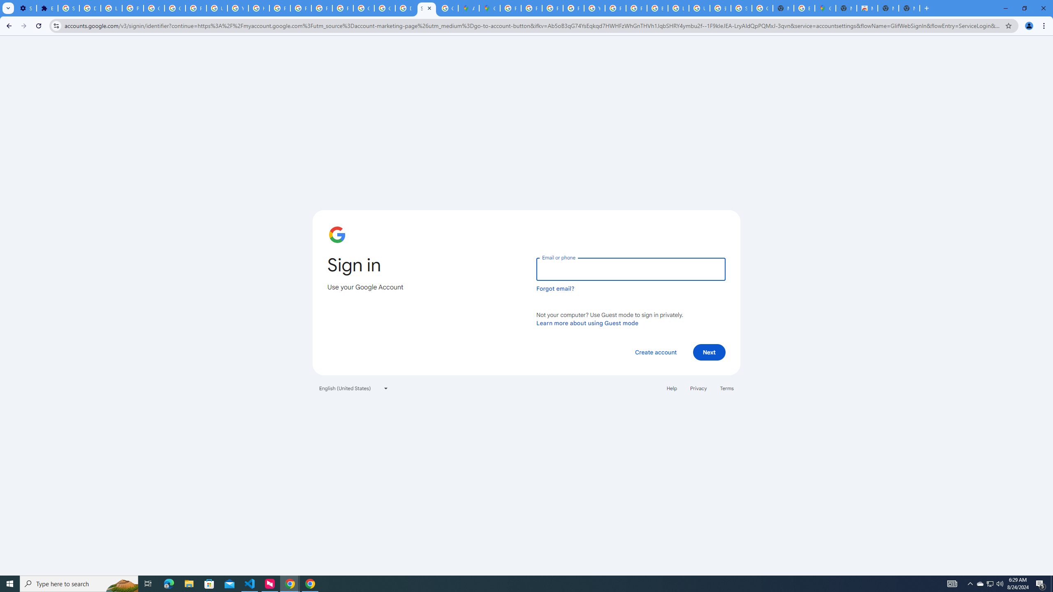  What do you see at coordinates (1044, 25) in the screenshot?
I see `'Chrome'` at bounding box center [1044, 25].